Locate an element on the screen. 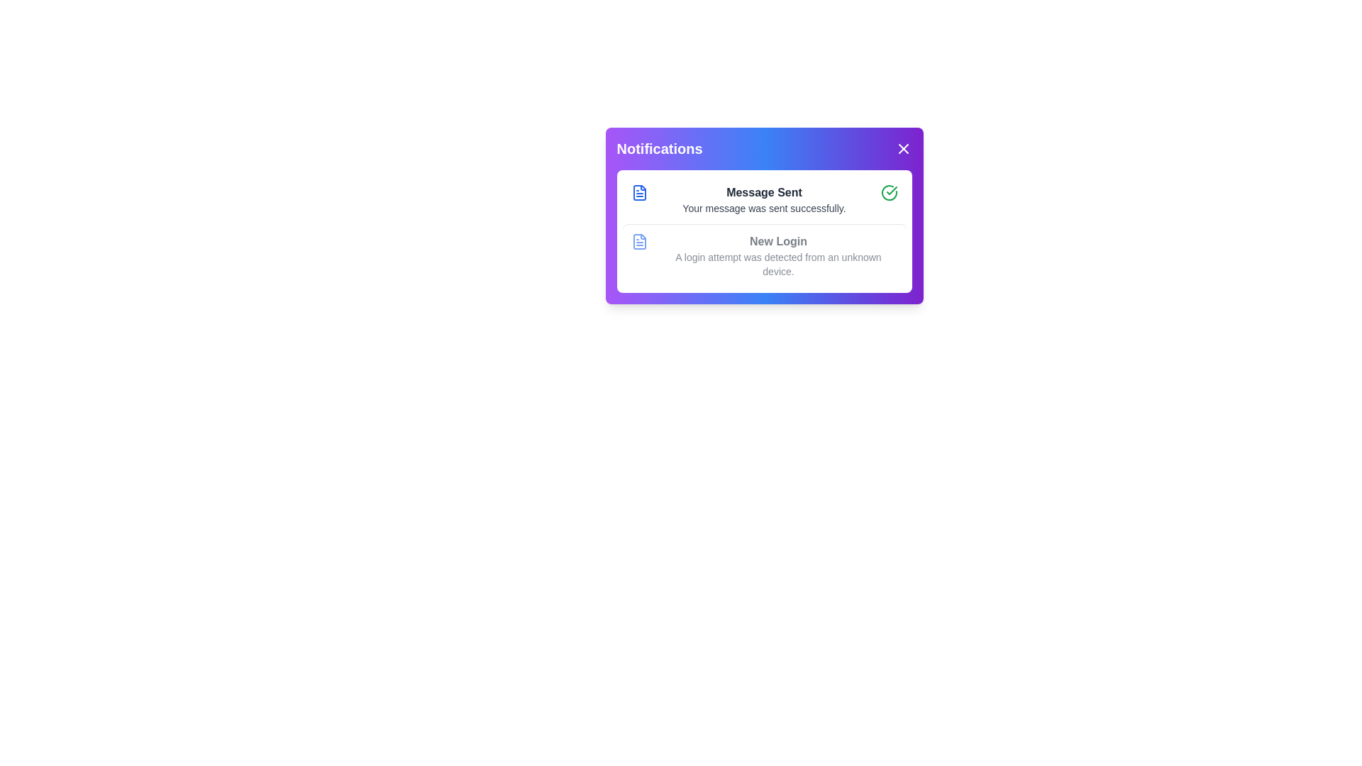 The image size is (1362, 766). the notification titled 'Message Sent' which indicates that your message was sent successfully is located at coordinates (763, 199).